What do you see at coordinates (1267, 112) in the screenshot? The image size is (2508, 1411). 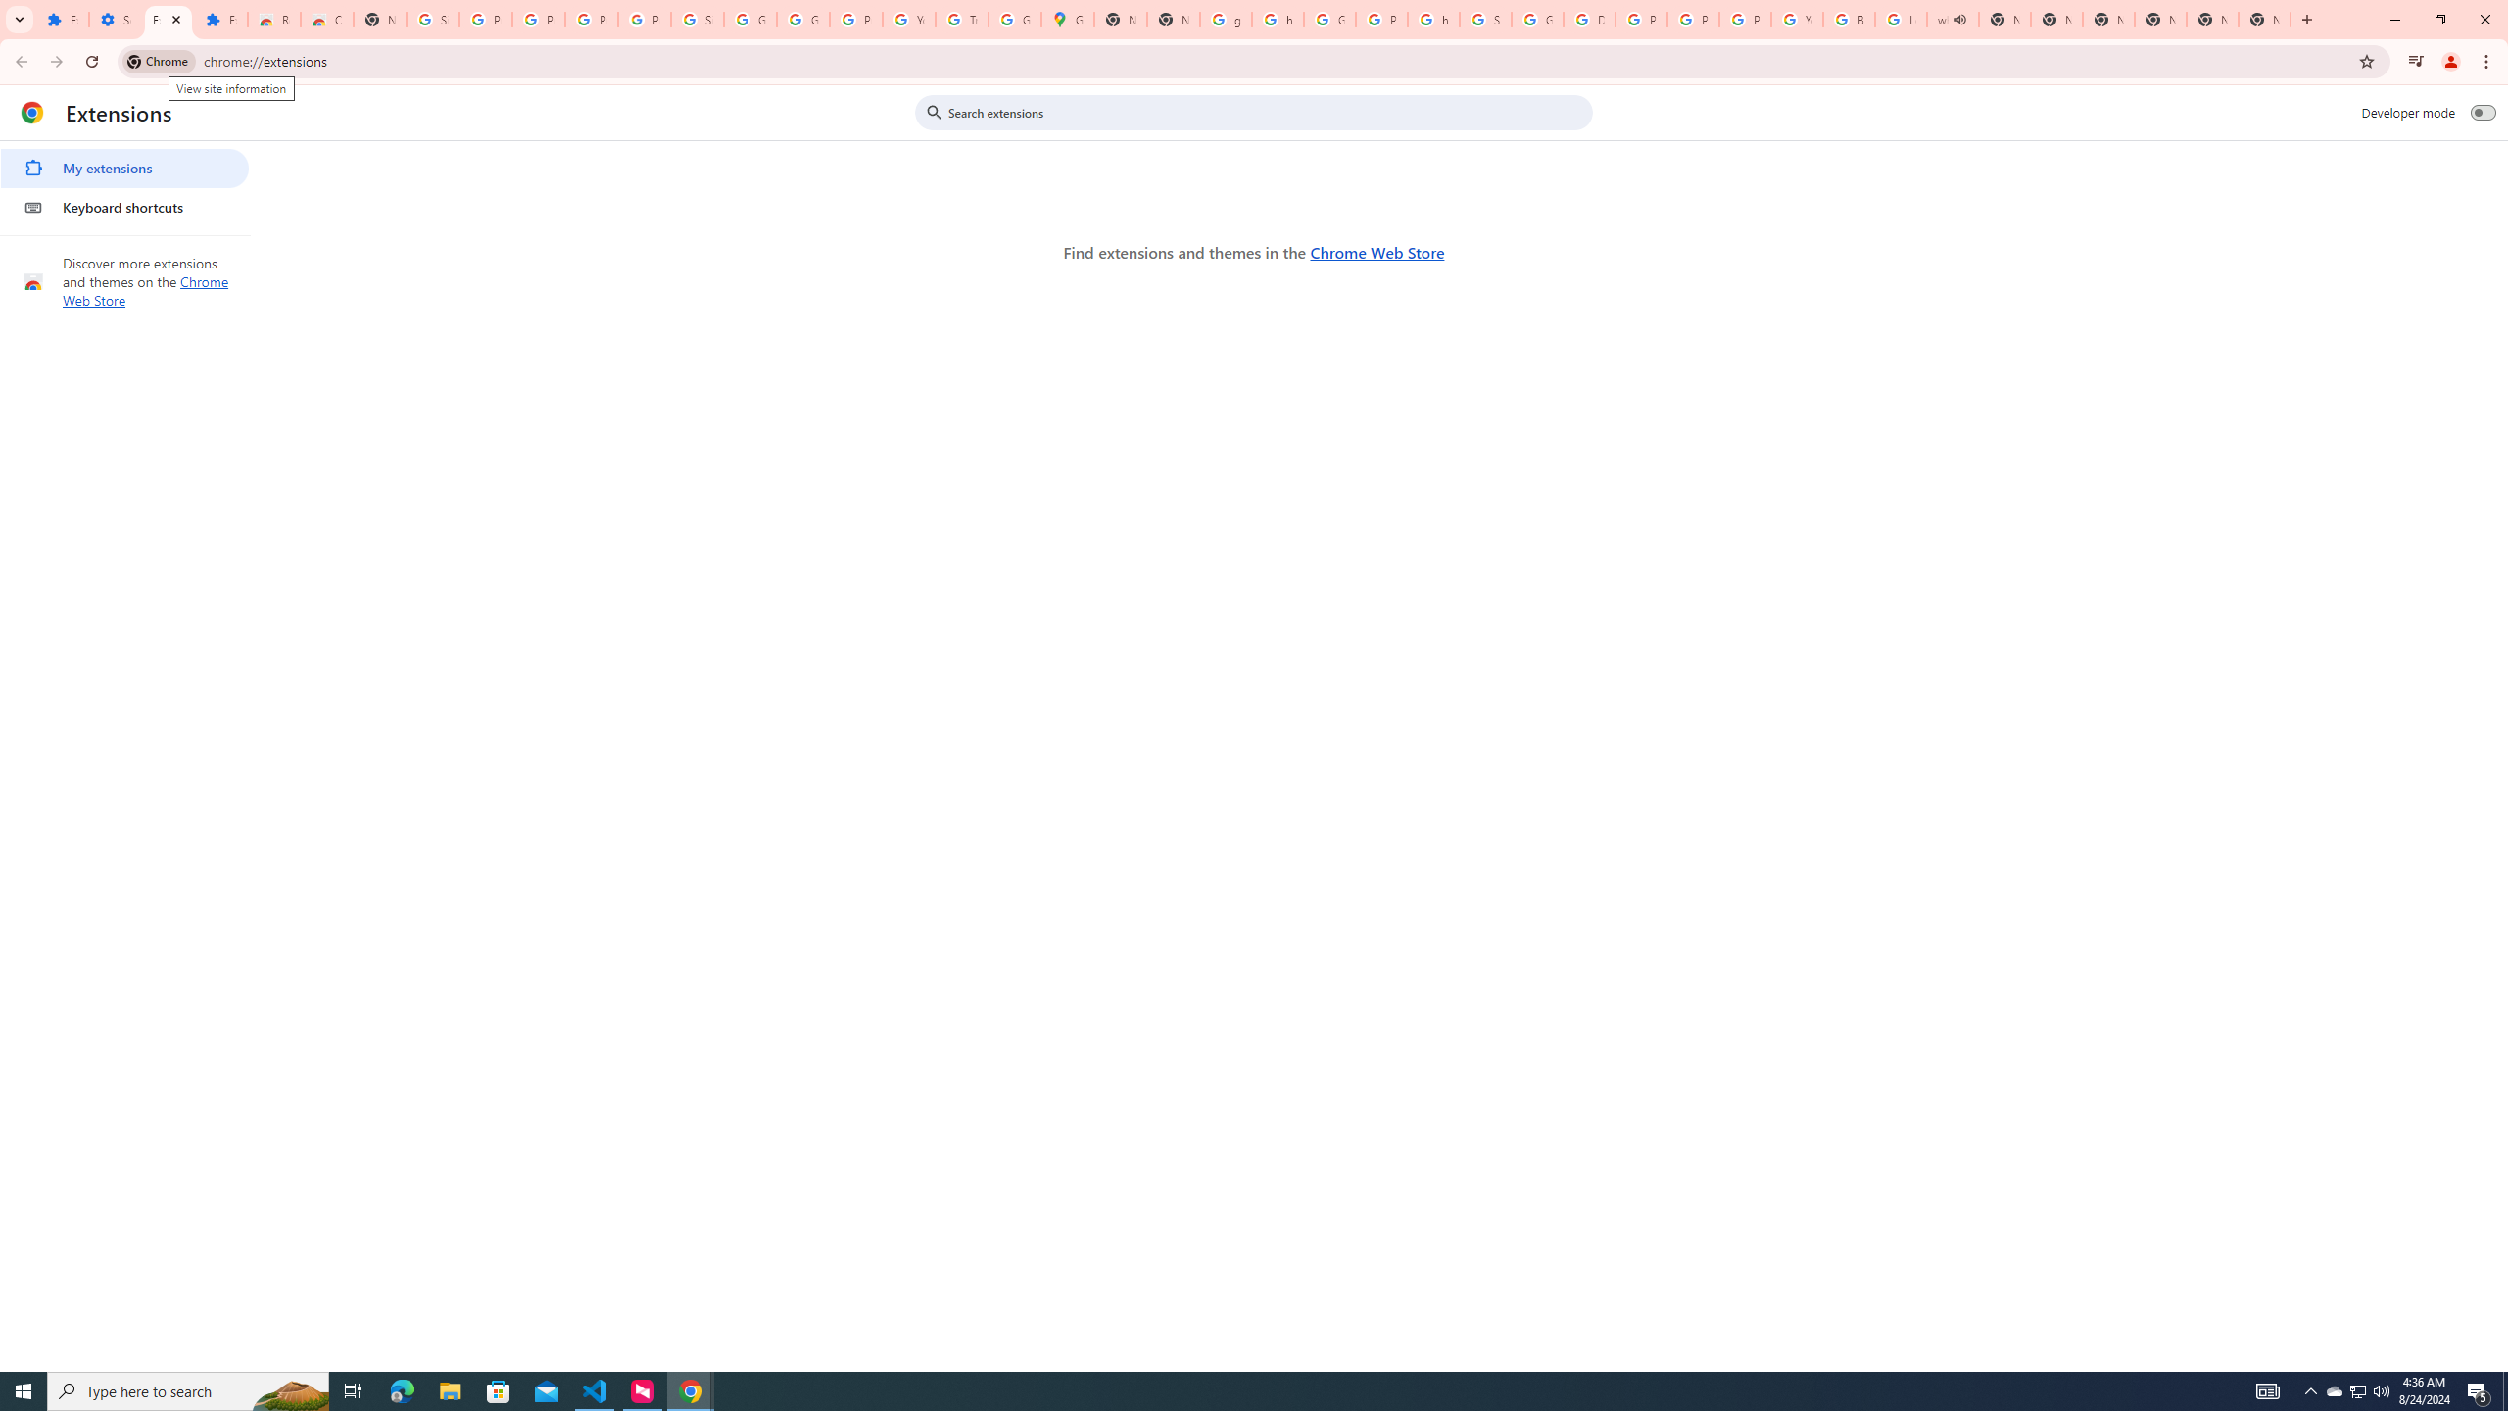 I see `'Search extensions'` at bounding box center [1267, 112].